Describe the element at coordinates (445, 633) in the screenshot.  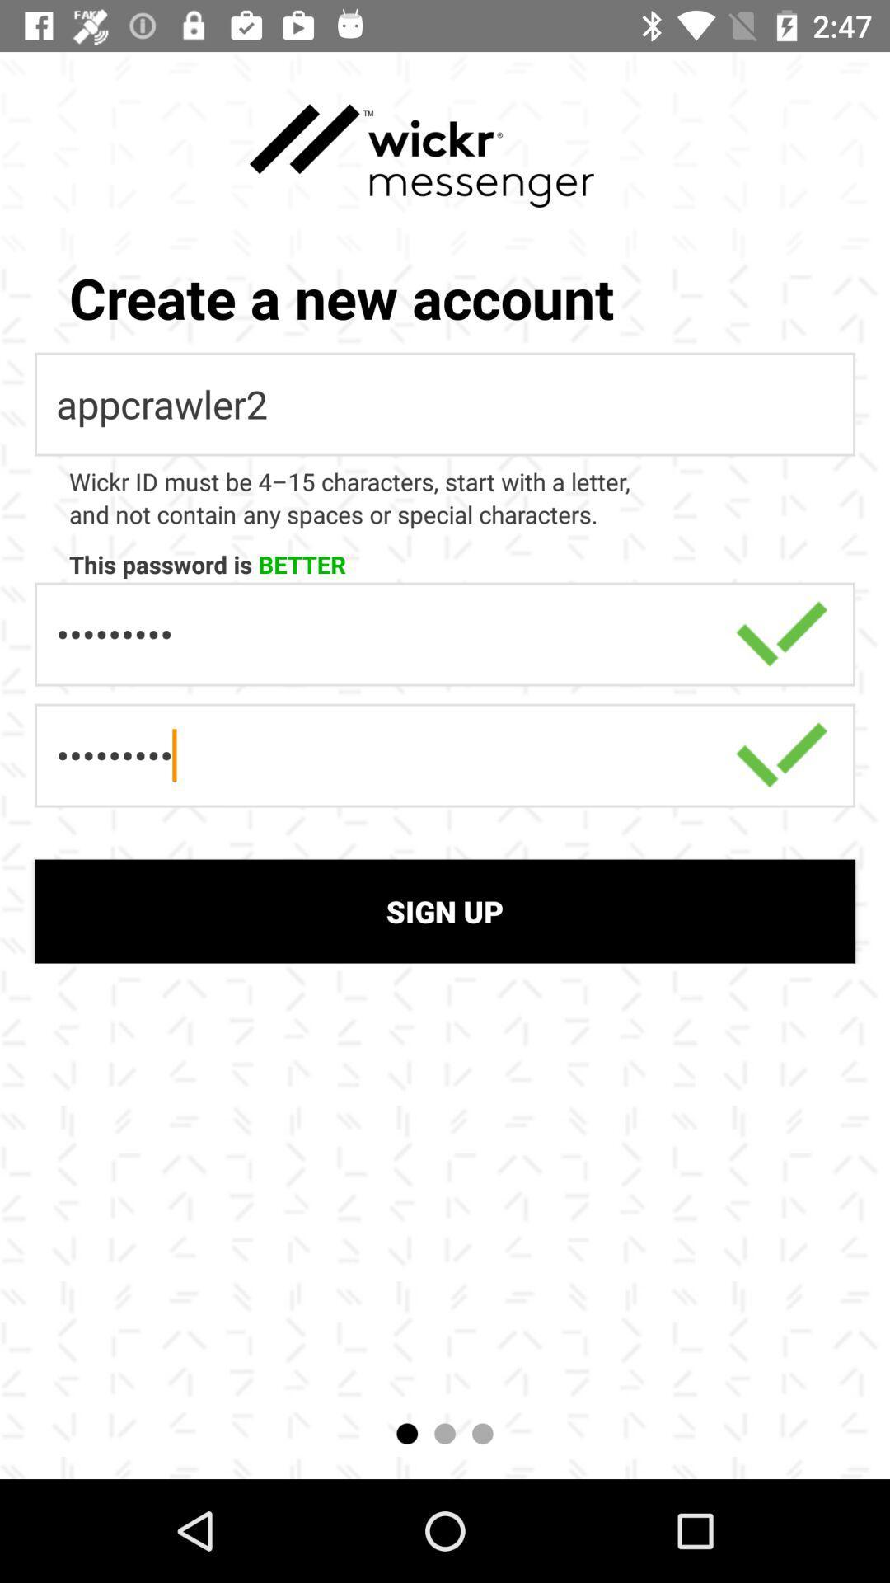
I see `the 1st box below the word better` at that location.